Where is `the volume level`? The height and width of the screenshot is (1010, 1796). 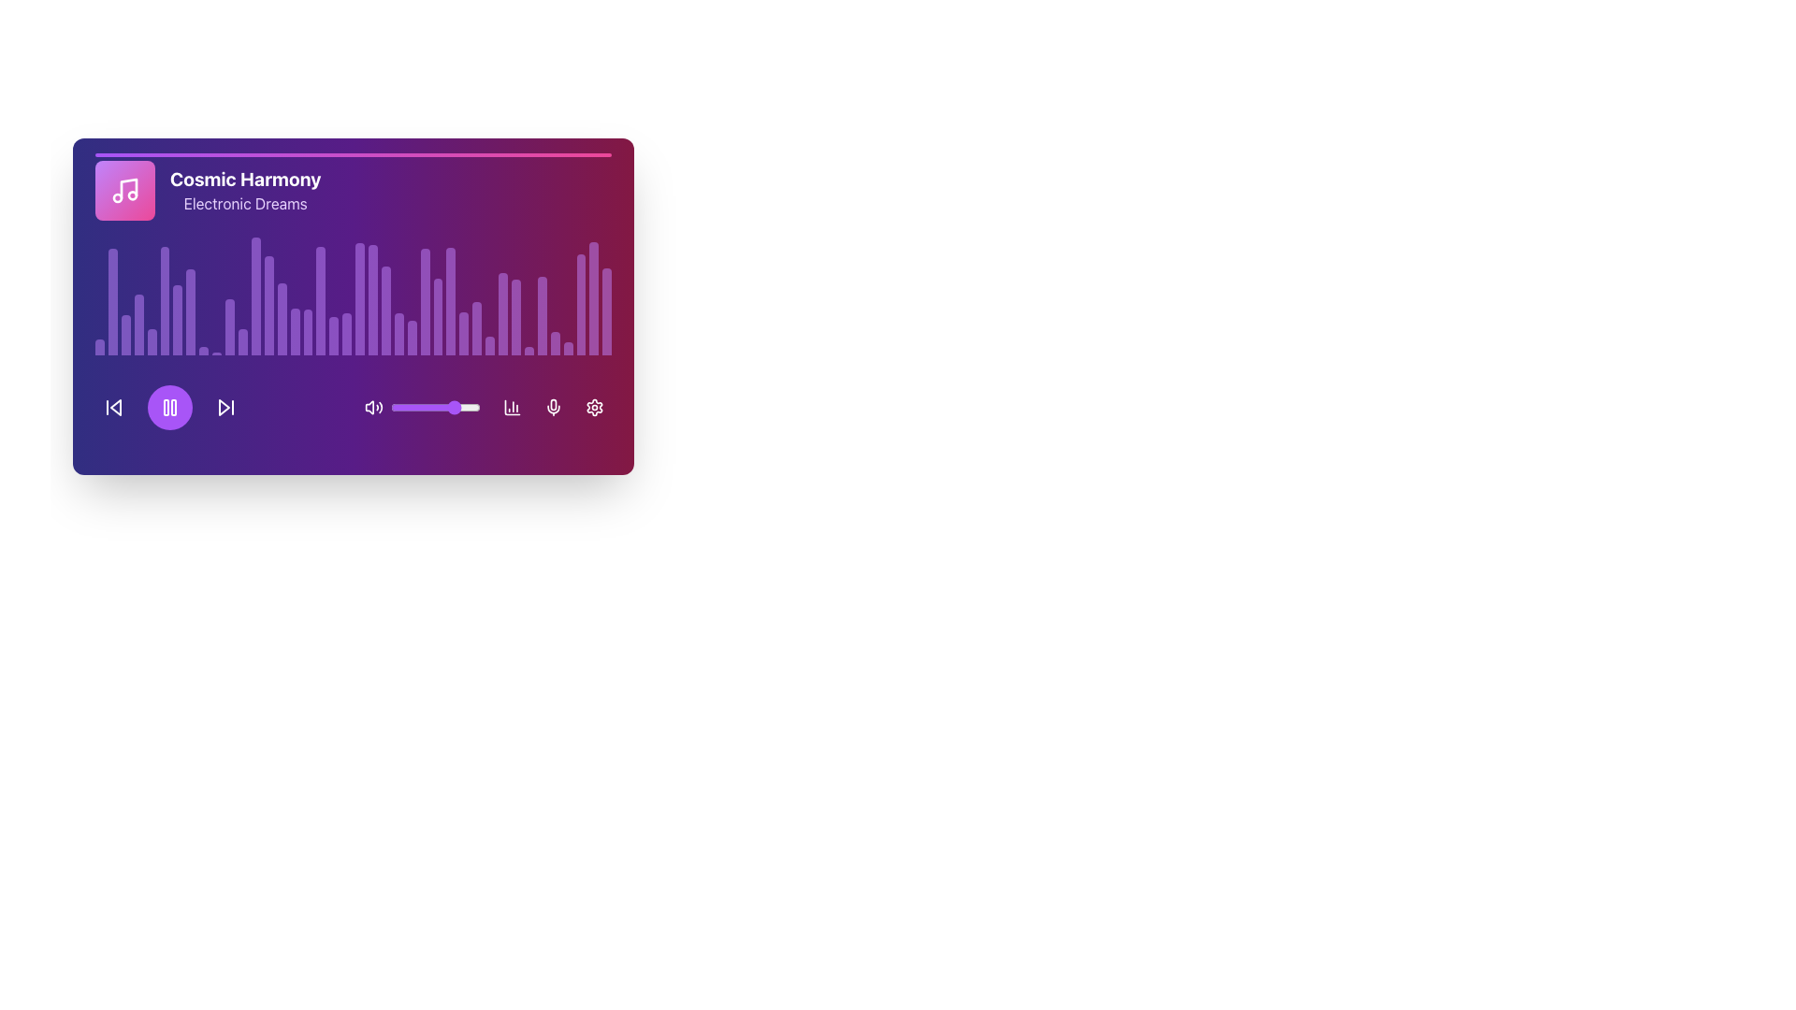
the volume level is located at coordinates (400, 406).